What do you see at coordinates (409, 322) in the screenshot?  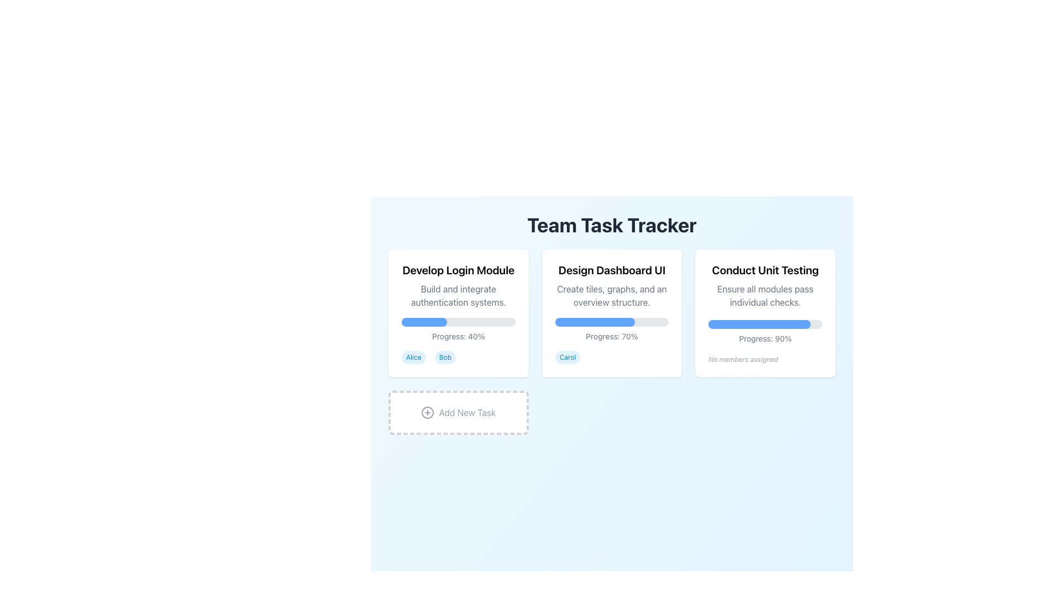 I see `the progress bar value` at bounding box center [409, 322].